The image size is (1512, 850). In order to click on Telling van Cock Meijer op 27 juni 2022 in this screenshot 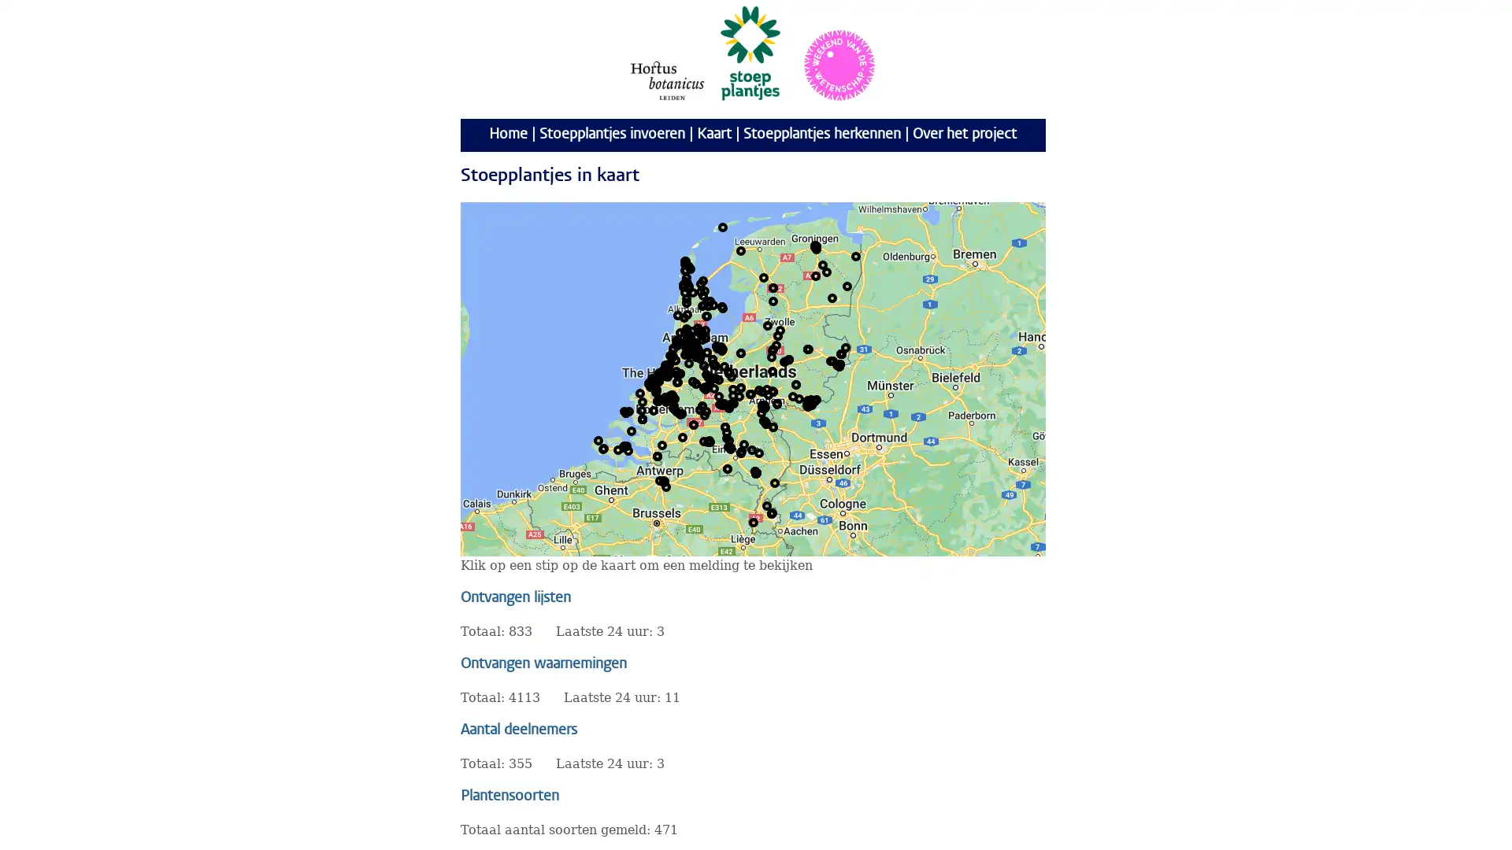, I will do `click(669, 355)`.